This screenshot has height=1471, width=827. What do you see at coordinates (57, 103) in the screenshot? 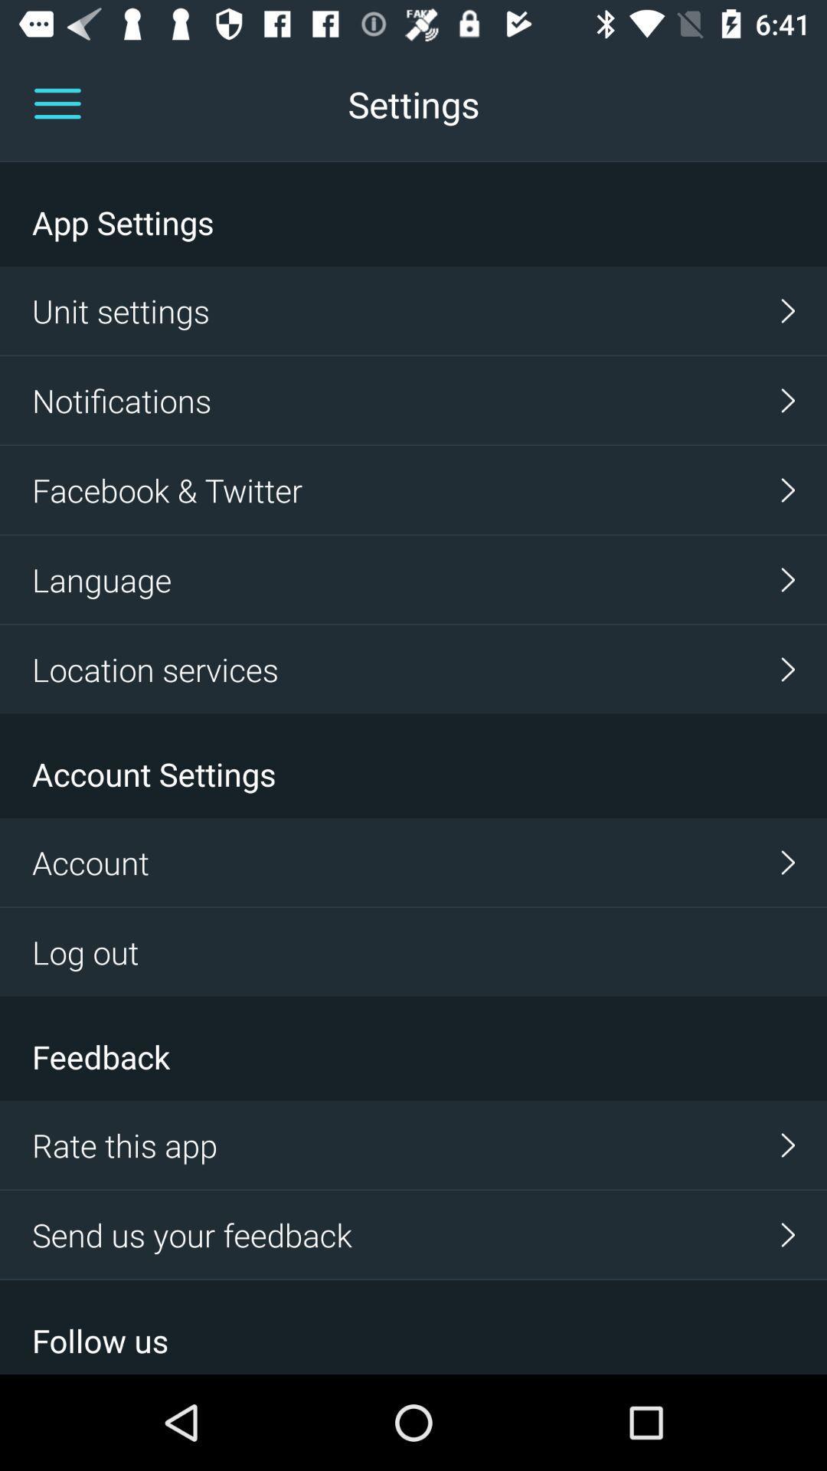
I see `menu` at bounding box center [57, 103].